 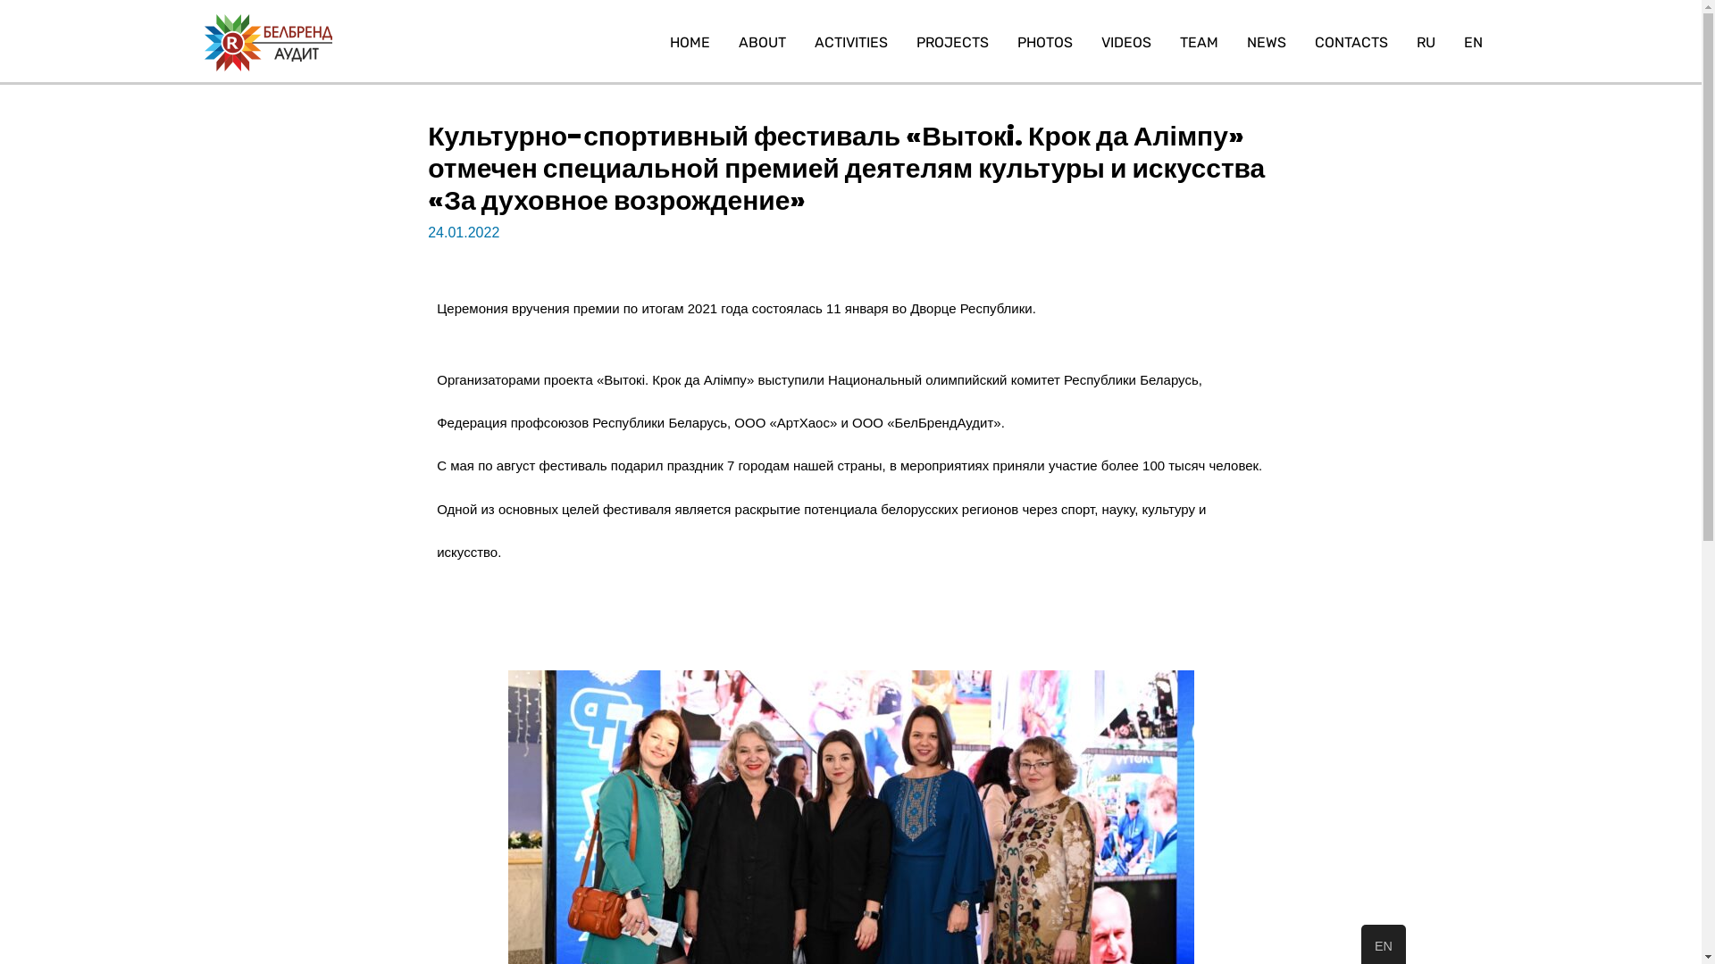 I want to click on 'HOME', so click(x=689, y=41).